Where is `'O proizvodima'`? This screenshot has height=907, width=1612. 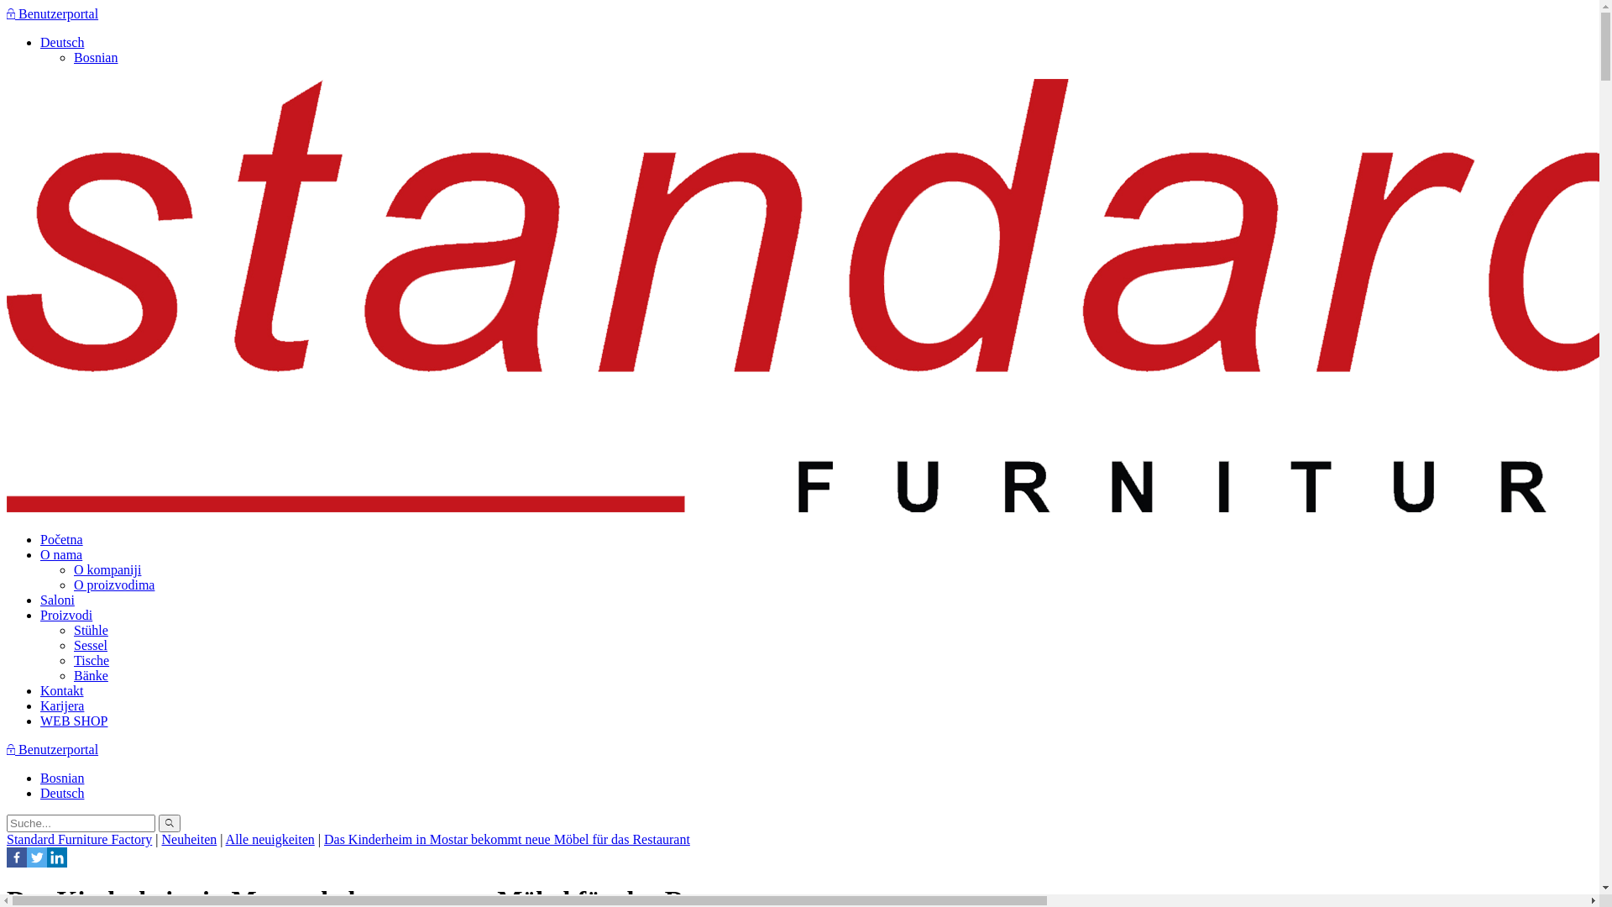 'O proizvodima' is located at coordinates (72, 584).